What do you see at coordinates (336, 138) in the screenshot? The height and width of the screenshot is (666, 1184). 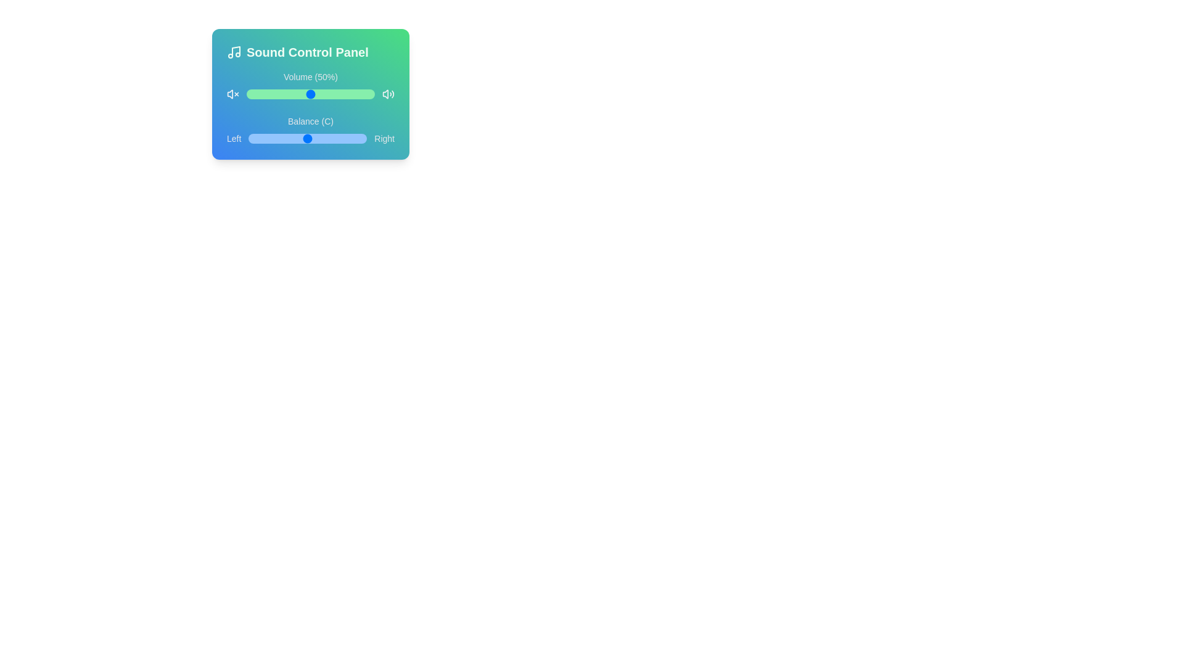 I see `the balance` at bounding box center [336, 138].